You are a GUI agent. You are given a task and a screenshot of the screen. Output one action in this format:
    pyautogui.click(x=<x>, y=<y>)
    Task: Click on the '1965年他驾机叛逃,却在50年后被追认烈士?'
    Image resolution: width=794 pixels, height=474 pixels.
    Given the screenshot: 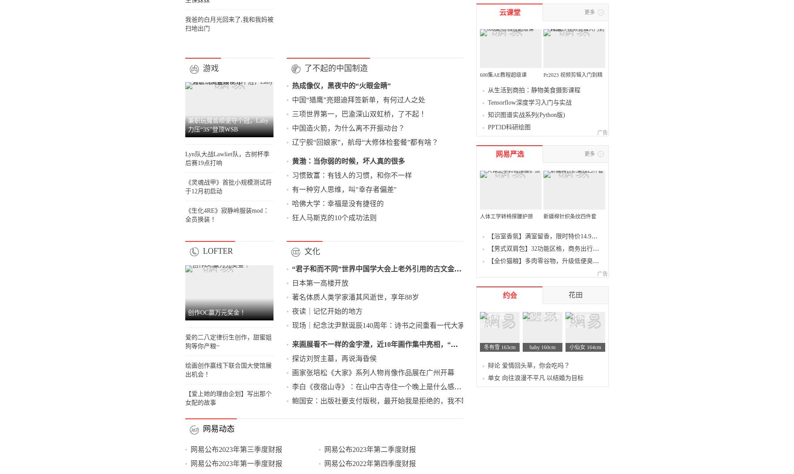 What is the action you would take?
    pyautogui.click(x=211, y=221)
    